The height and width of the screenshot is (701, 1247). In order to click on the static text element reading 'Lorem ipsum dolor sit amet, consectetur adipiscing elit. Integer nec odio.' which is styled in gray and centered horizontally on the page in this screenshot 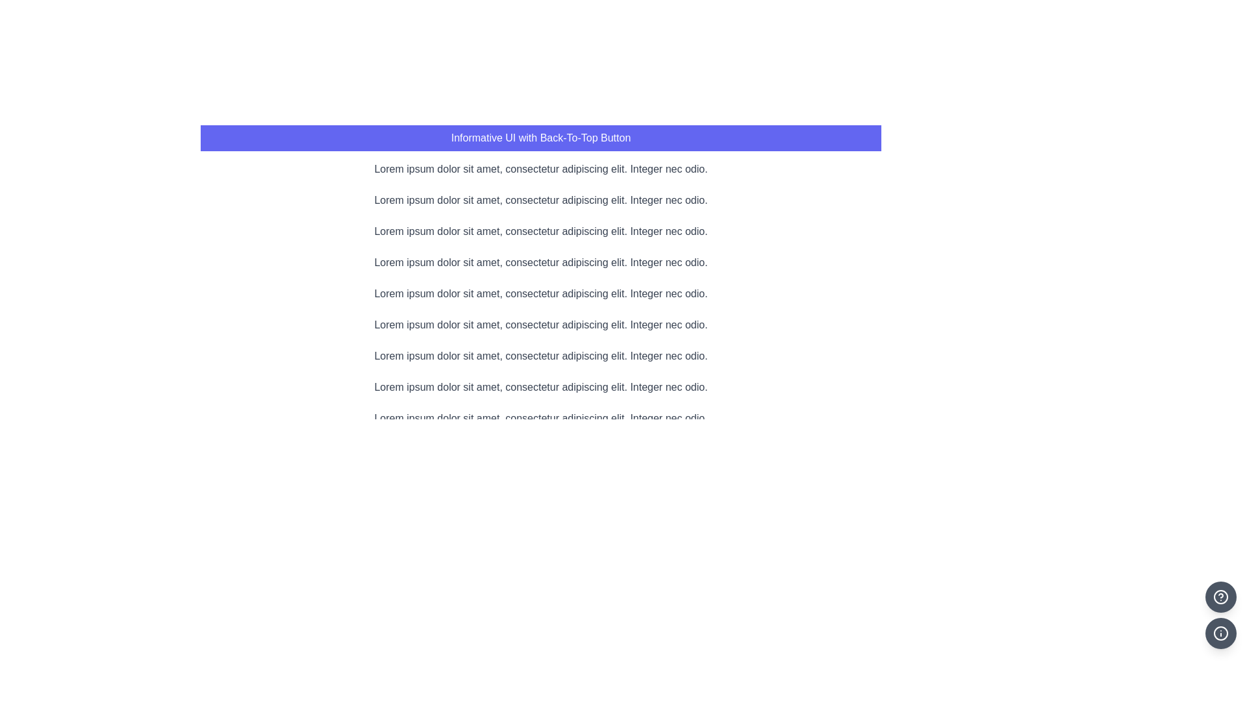, I will do `click(541, 356)`.